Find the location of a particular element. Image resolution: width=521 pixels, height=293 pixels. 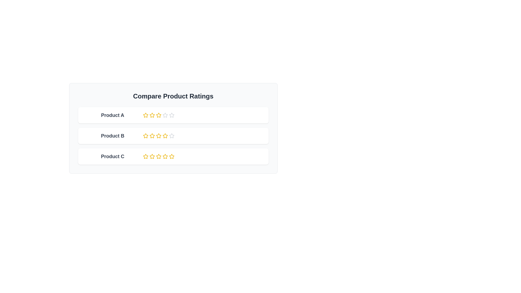

the selected star-shaped rating icon for 'Product B' is located at coordinates (158, 135).